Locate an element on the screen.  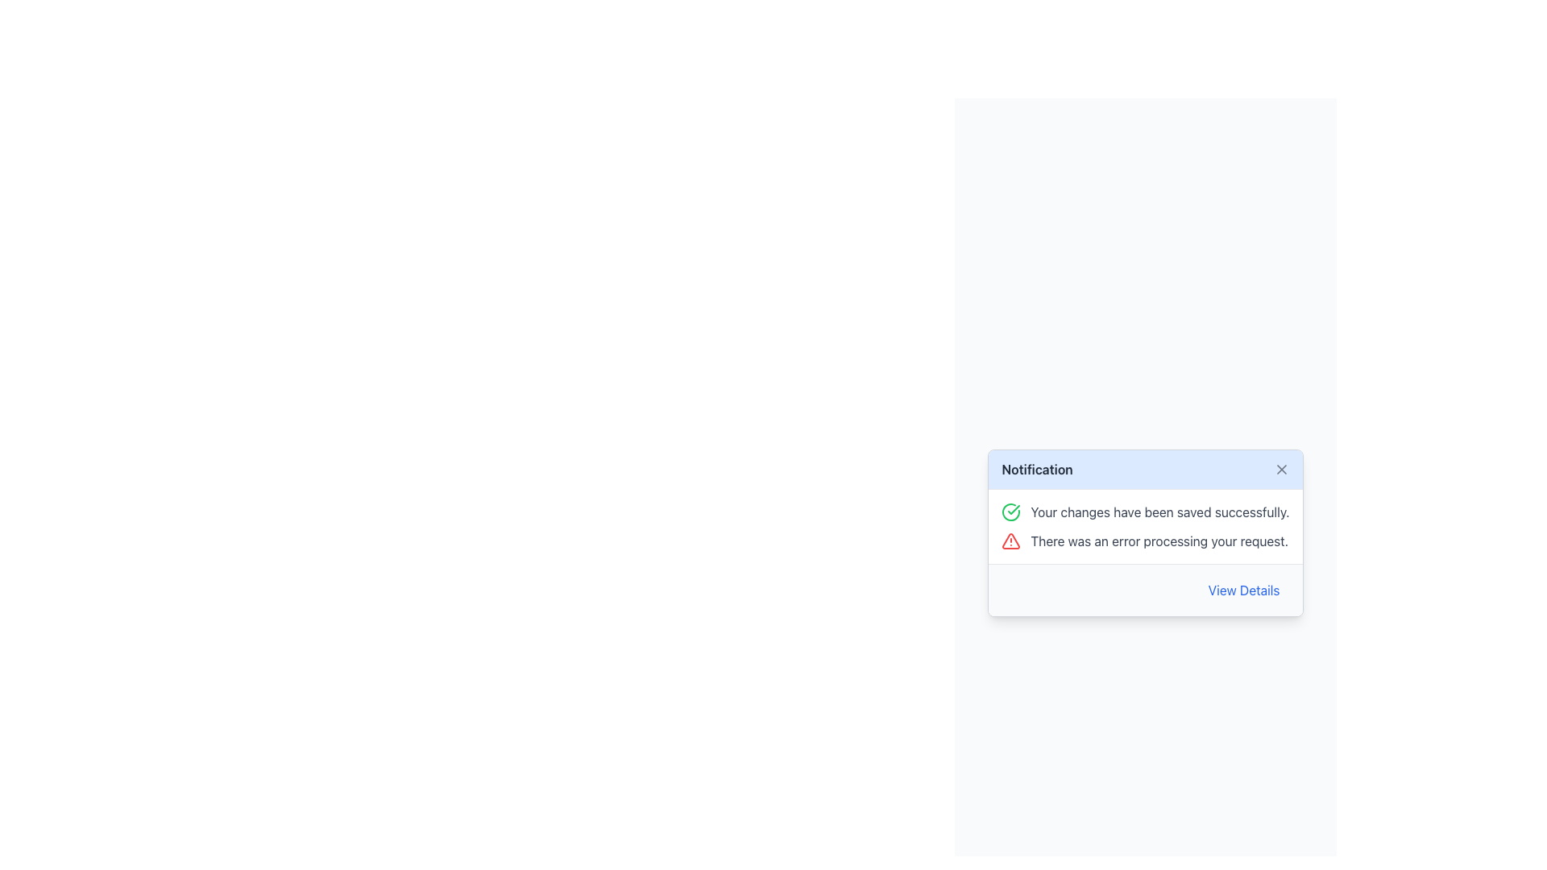
the 'View Details' button located at the bottom-right corner of the notification dialog box is located at coordinates (1243, 590).